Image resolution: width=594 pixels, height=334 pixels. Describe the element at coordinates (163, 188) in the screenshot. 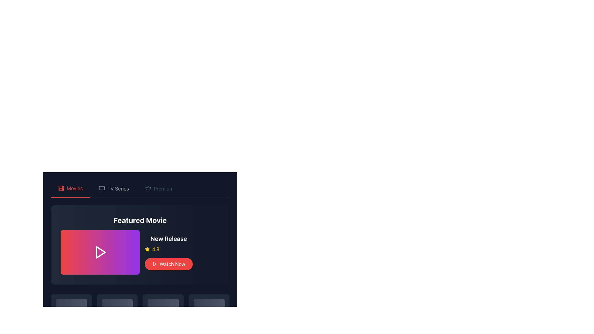

I see `the text label indicating premium or exclusive content, located in the top navigation bar between the 'TV Series' and 'Movies' menu items` at that location.